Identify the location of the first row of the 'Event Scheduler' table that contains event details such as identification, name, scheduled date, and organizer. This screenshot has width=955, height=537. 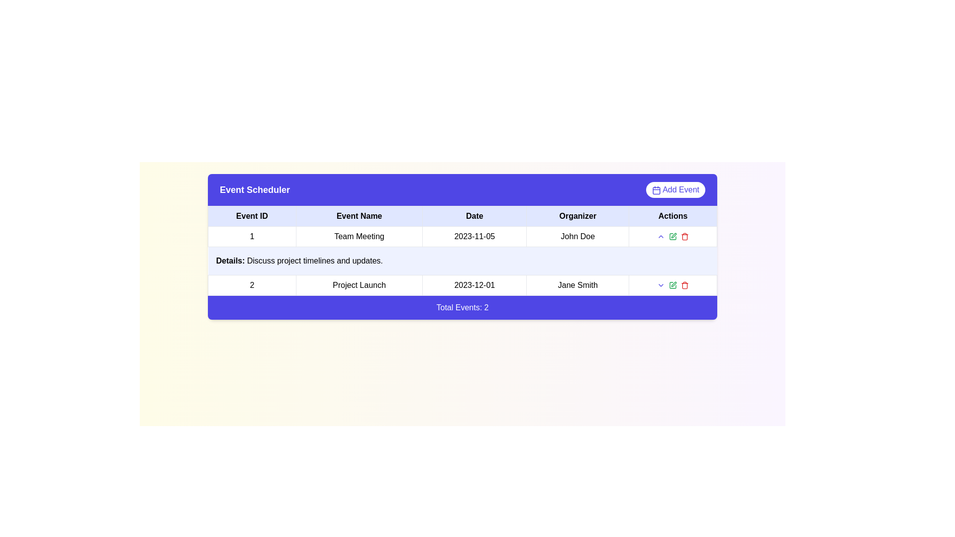
(462, 236).